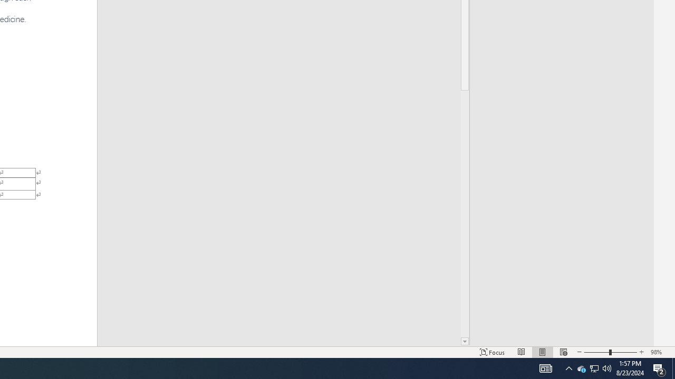 Image resolution: width=675 pixels, height=379 pixels. I want to click on 'Zoom Out', so click(596, 352).